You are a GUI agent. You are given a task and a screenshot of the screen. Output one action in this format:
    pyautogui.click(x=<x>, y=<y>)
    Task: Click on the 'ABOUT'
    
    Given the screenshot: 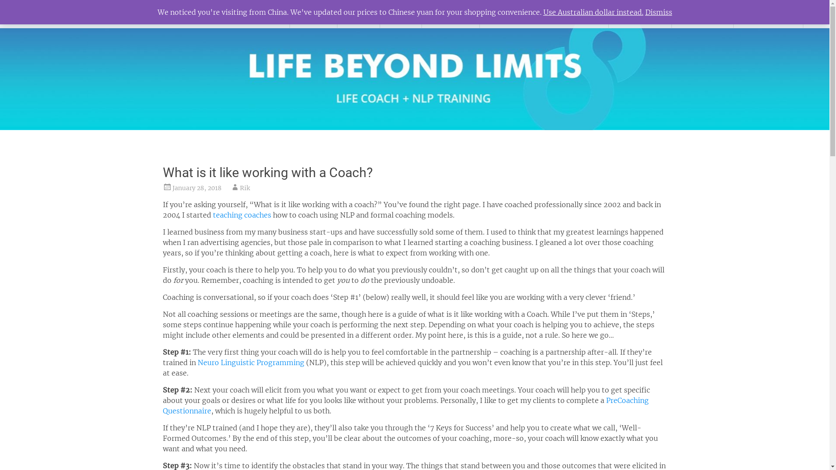 What is the action you would take?
    pyautogui.click(x=313, y=13)
    